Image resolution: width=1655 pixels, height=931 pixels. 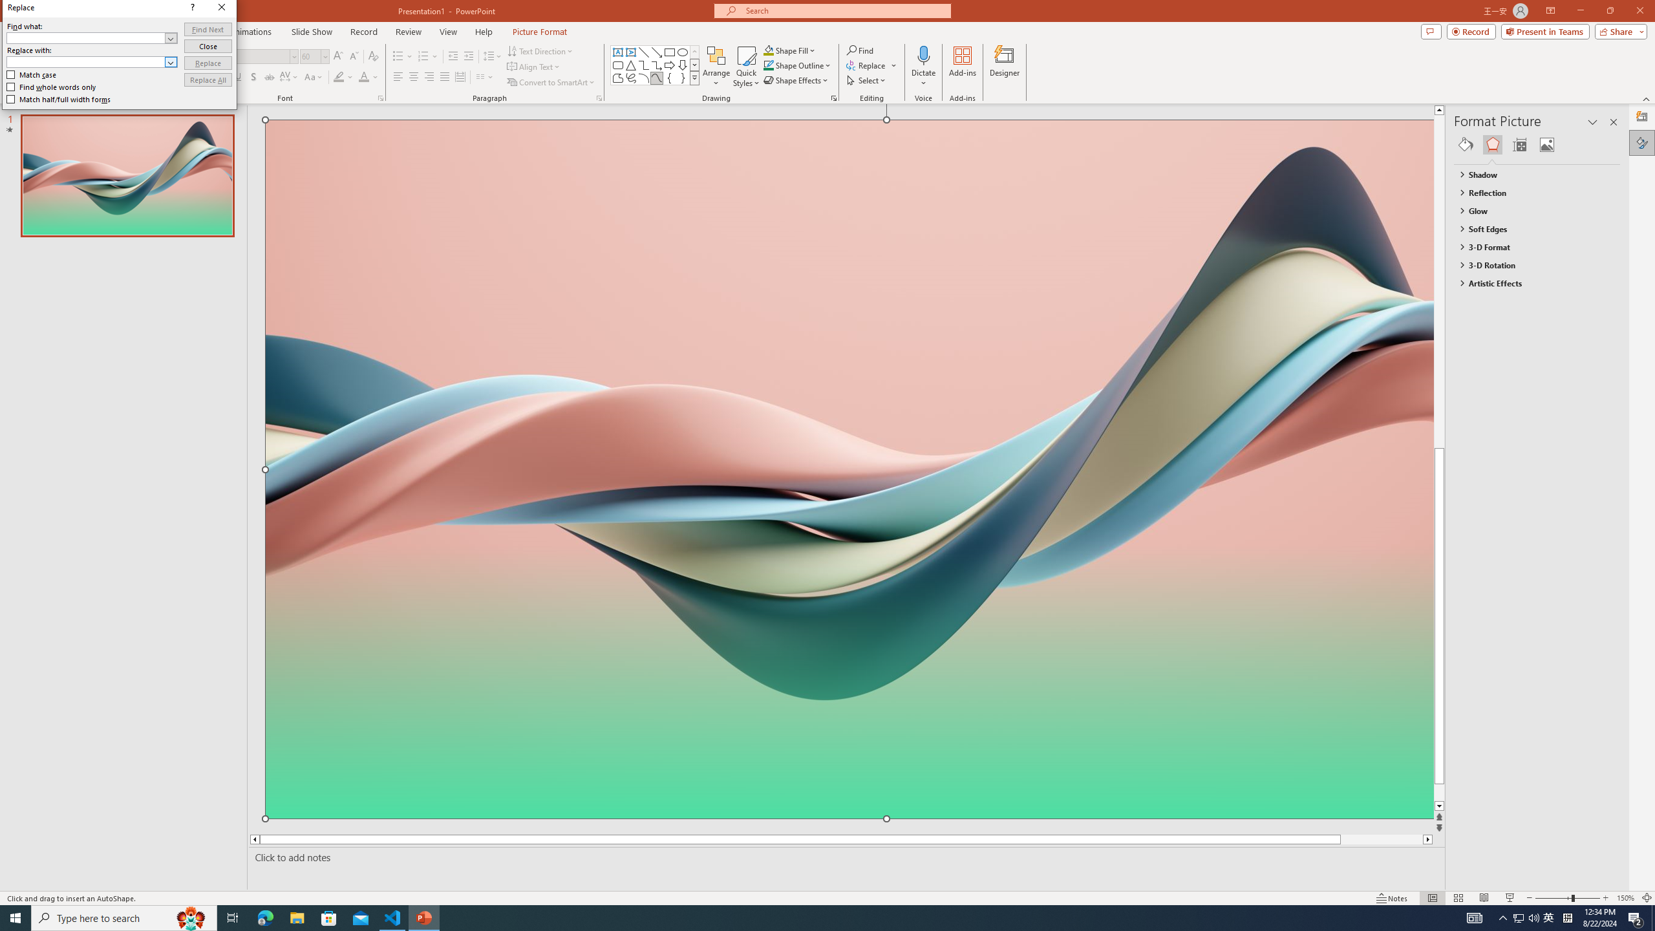 I want to click on 'AutomationID: 4105', so click(x=1473, y=917).